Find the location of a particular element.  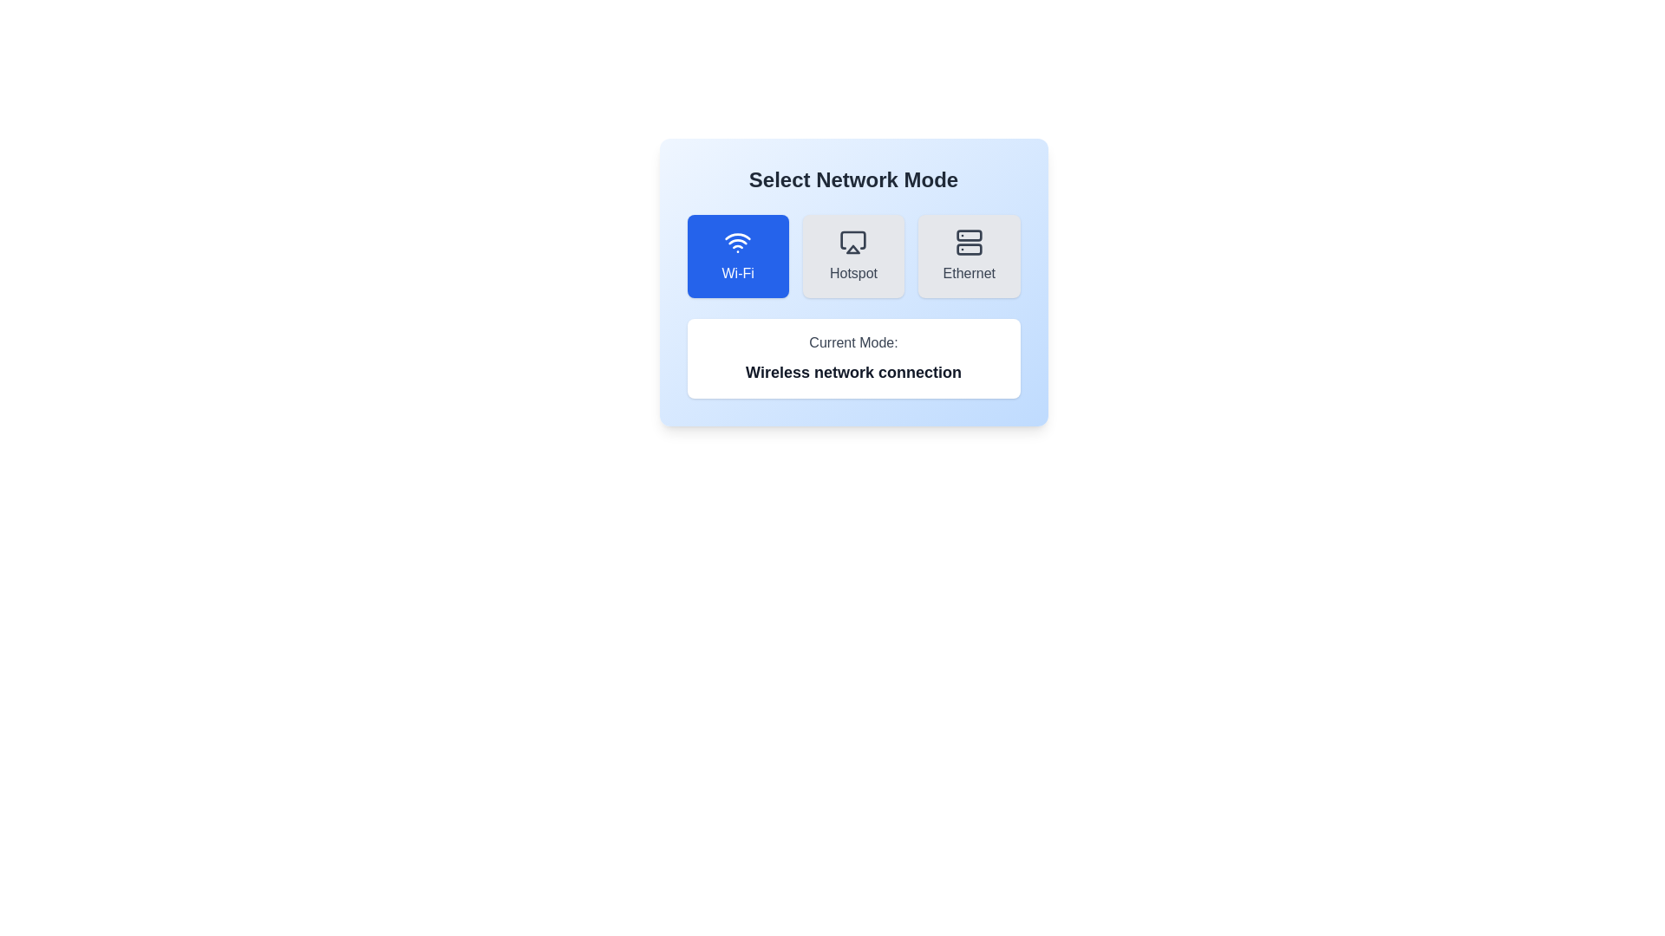

the text element displaying the current network mode description is located at coordinates (853, 371).